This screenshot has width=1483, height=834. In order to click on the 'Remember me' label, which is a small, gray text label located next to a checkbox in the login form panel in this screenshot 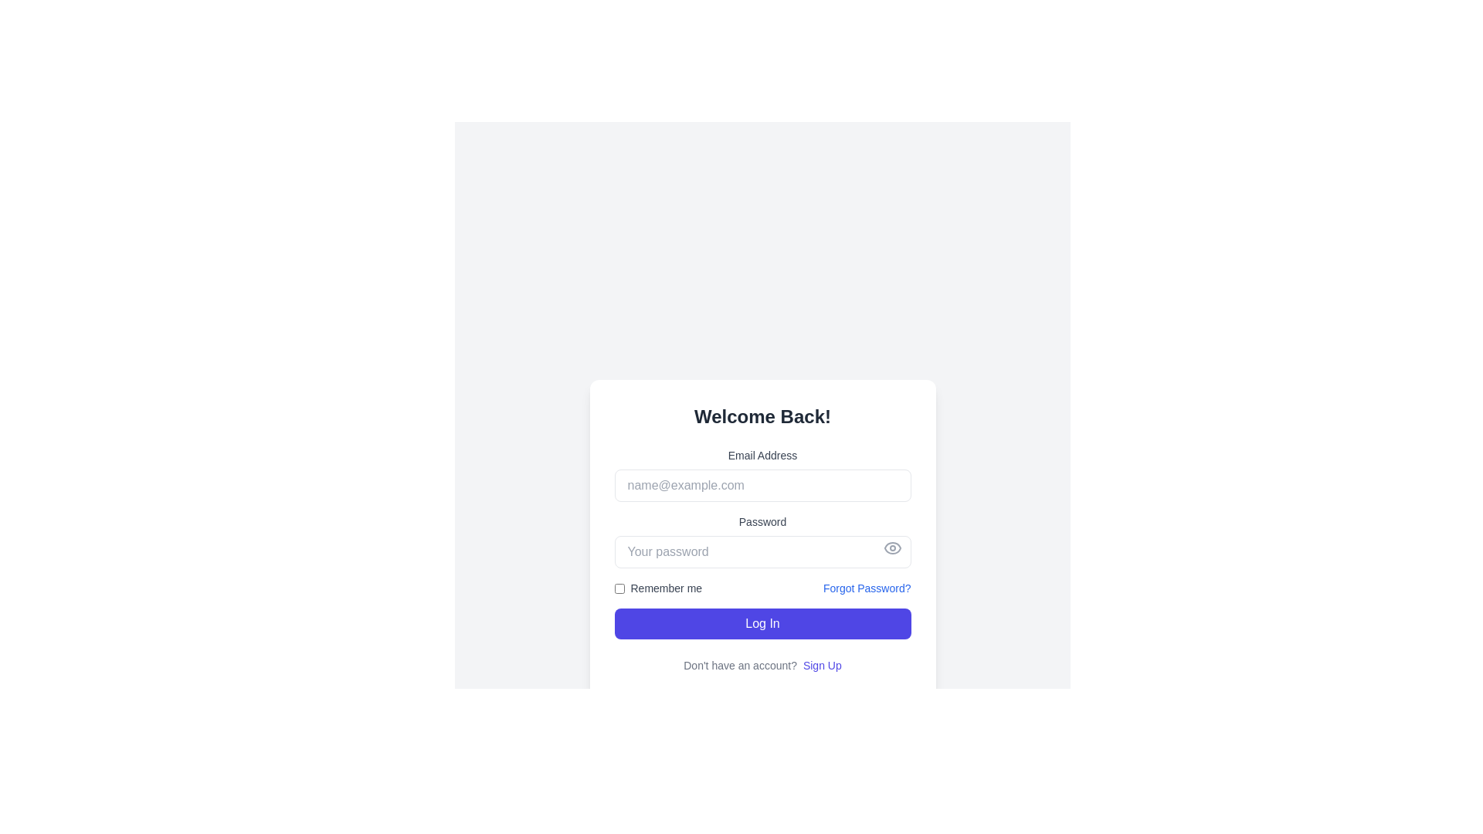, I will do `click(666, 588)`.